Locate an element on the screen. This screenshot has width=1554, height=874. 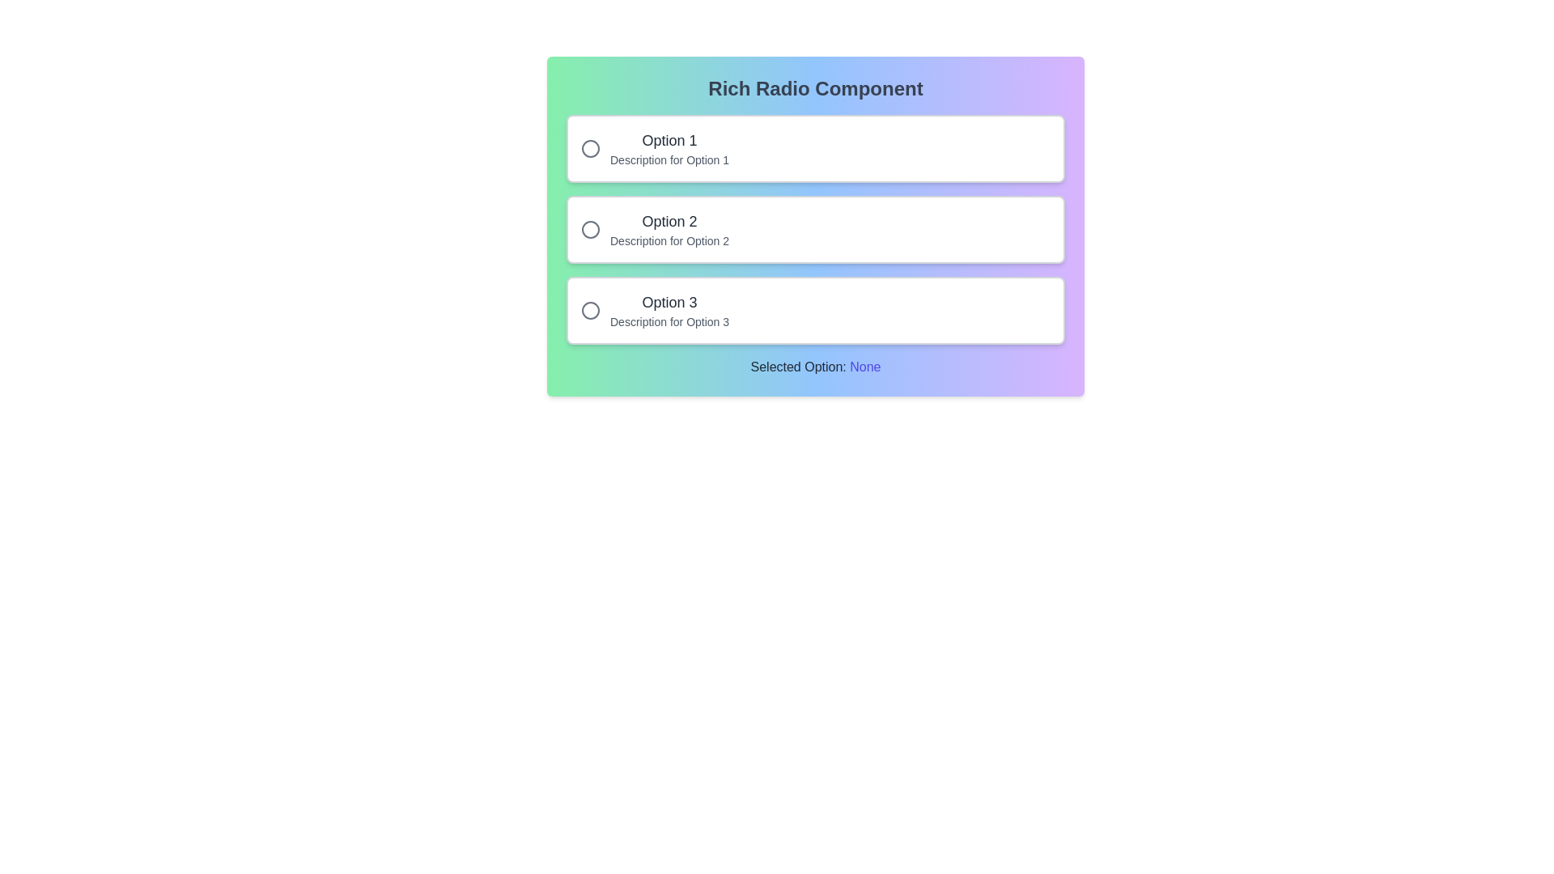
text label element that displays 'Option 2', which is styled with a large font size and is located in the second section of a vertically stacked set of options is located at coordinates (669, 221).